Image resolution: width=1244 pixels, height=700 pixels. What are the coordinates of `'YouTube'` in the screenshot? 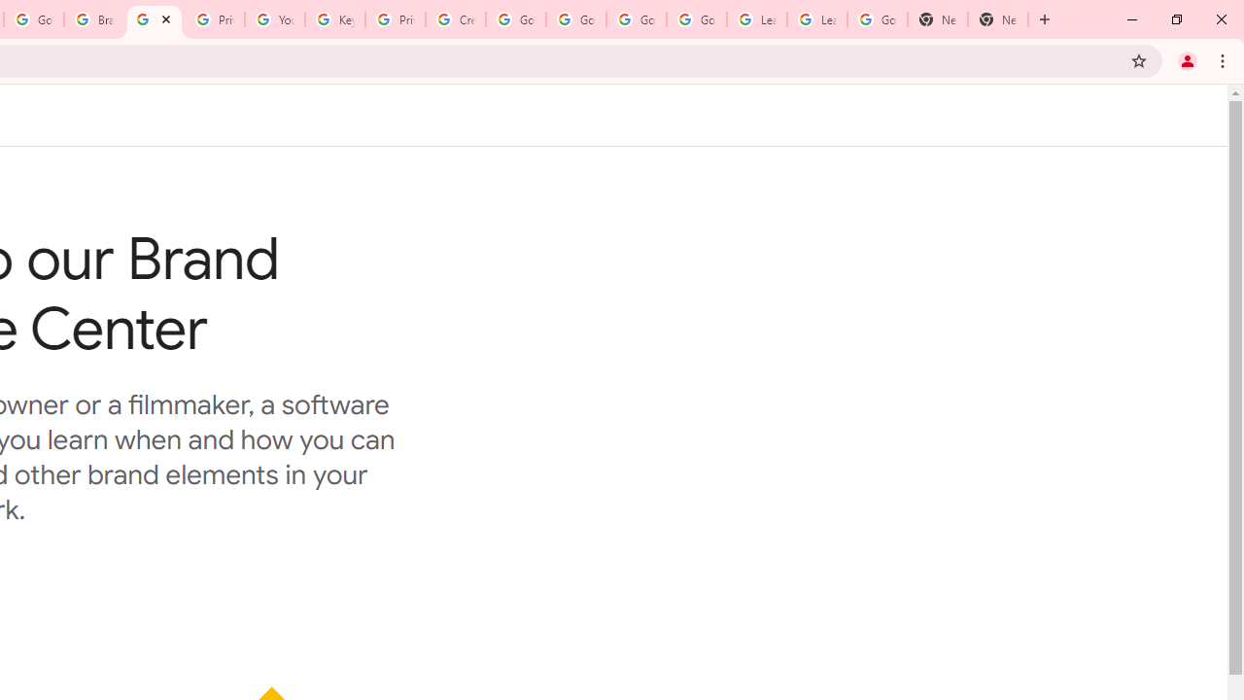 It's located at (273, 19).